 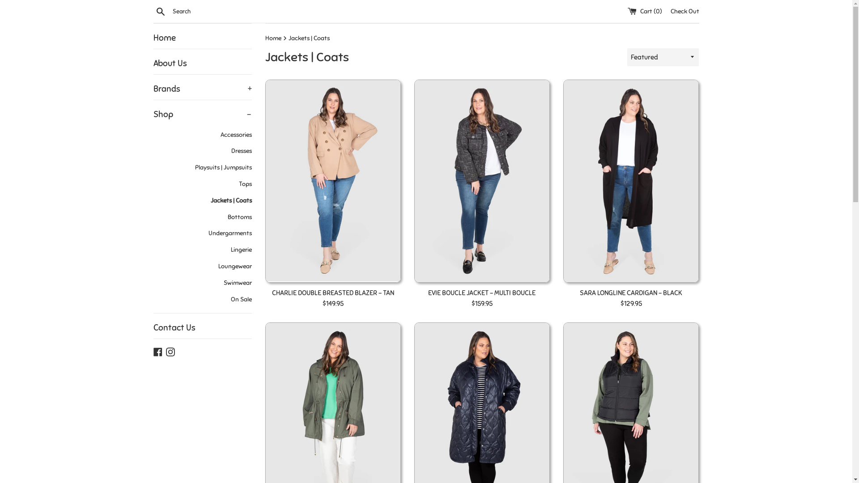 I want to click on 'Home', so click(x=201, y=37).